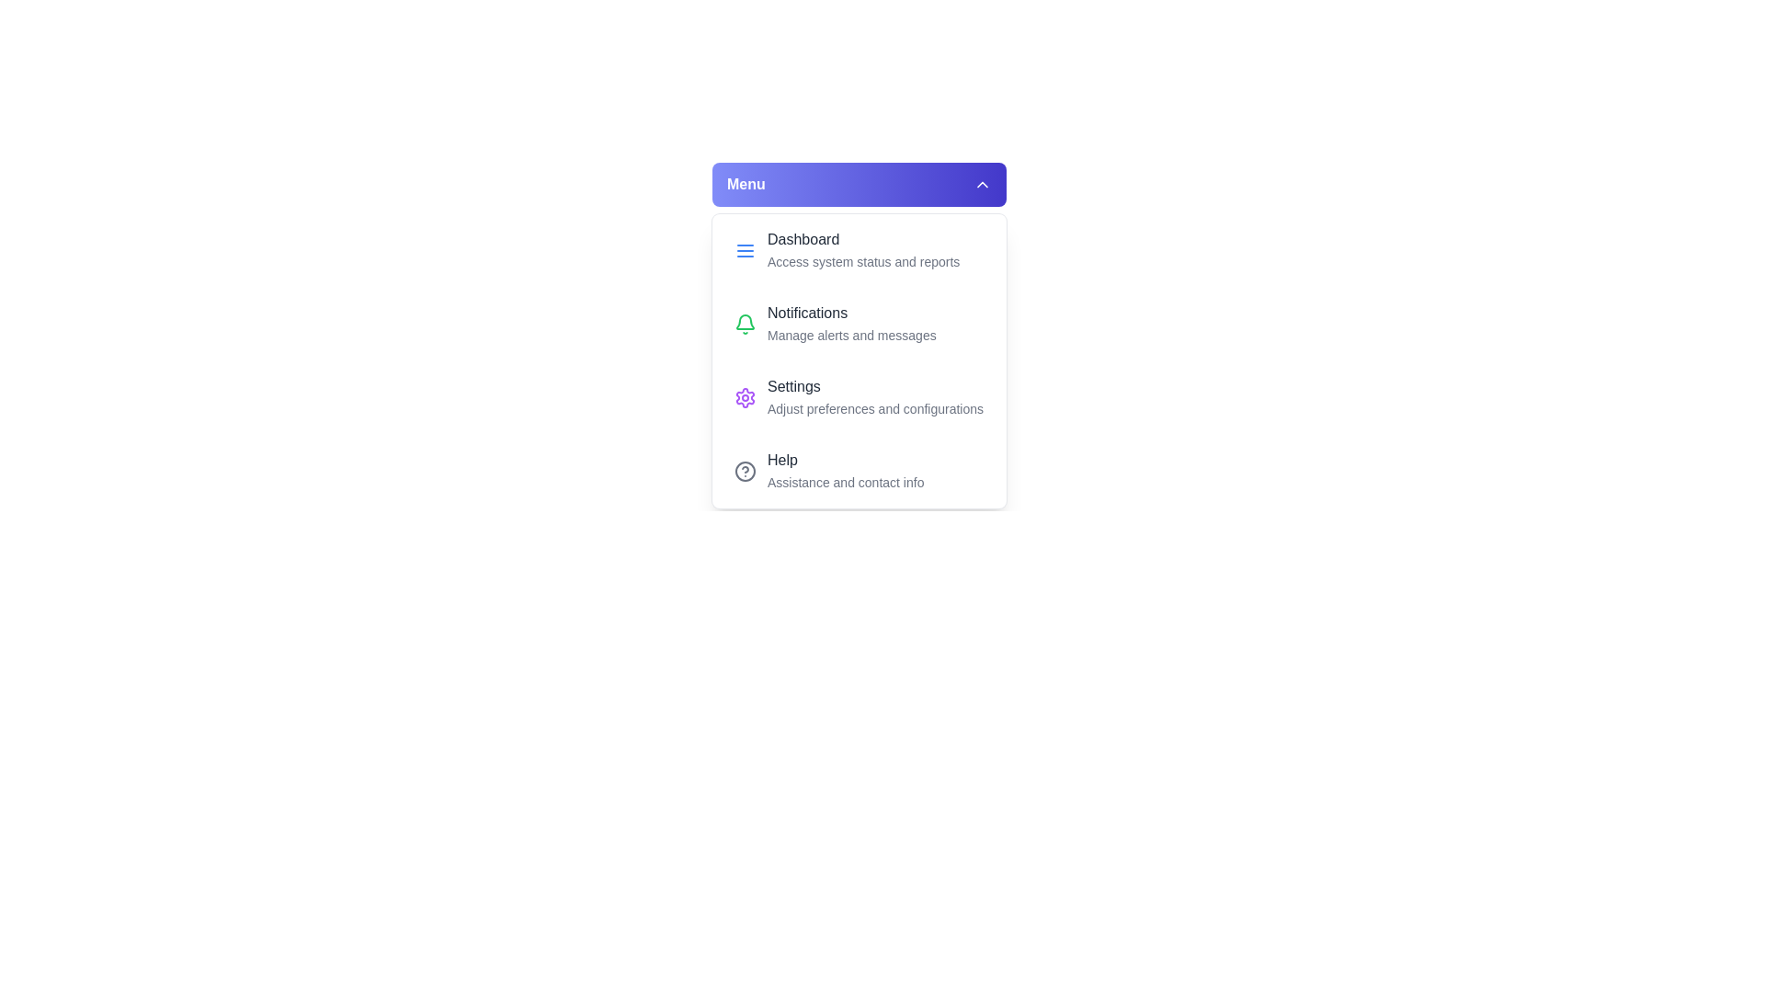 The image size is (1765, 993). What do you see at coordinates (746, 324) in the screenshot?
I see `the notifications icon located on the left side of the 'Notifications' entry in the menu panel` at bounding box center [746, 324].